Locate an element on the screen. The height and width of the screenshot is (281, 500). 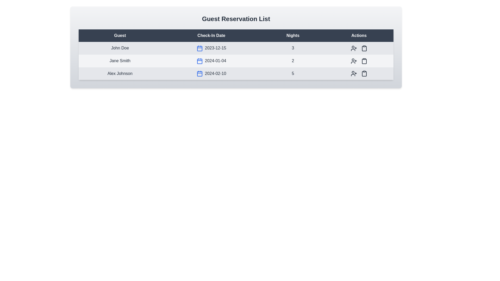
the icon that visually indicates the relevance of the date '2024-02-10' in the last row of the 'Check-In Date' column in the 'Guest Reservation List' table is located at coordinates (199, 74).